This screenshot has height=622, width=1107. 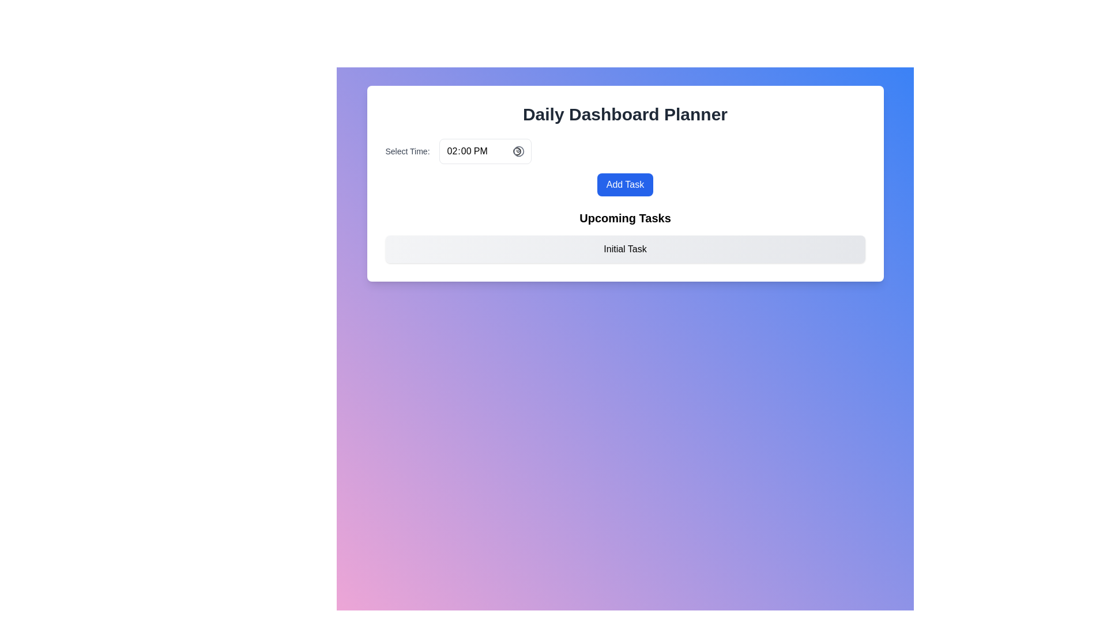 I want to click on the non-interactive text label displaying the task description located directly below the 'Upcoming Tasks' heading, so click(x=624, y=248).